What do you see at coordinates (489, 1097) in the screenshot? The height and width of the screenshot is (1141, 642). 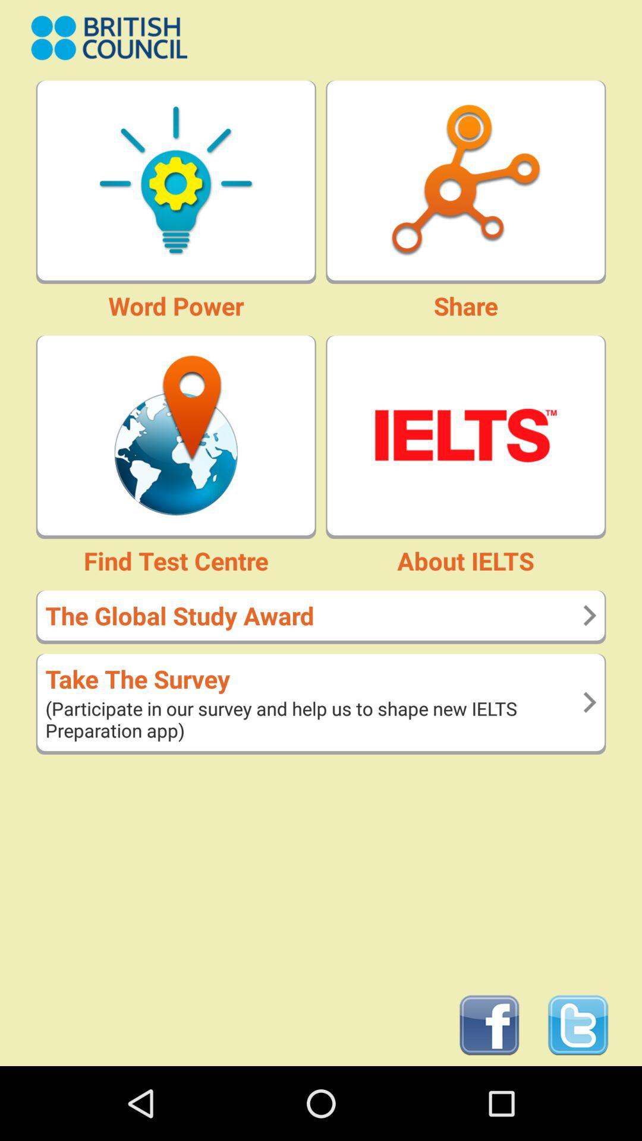 I see `the facebook icon` at bounding box center [489, 1097].